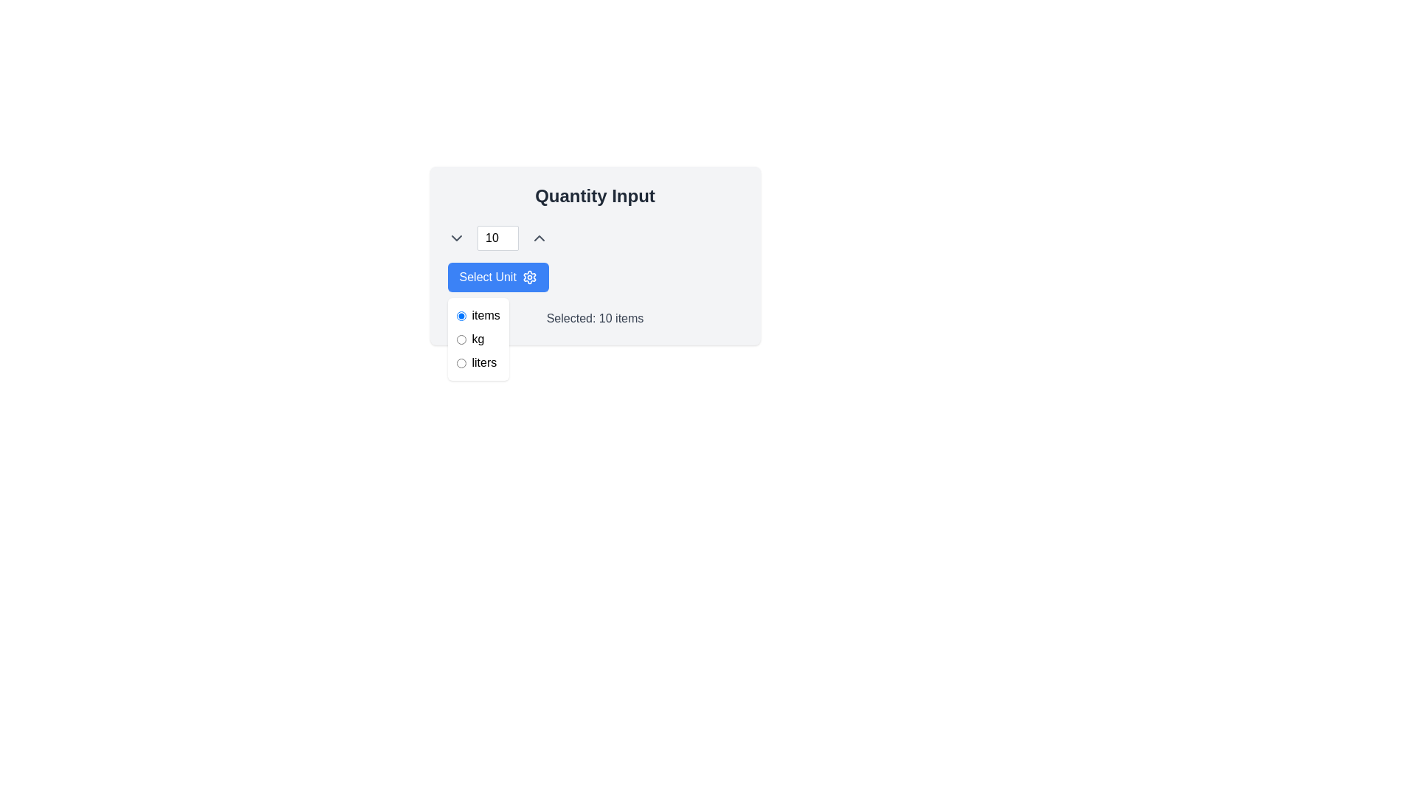 This screenshot has width=1417, height=797. Describe the element at coordinates (529, 277) in the screenshot. I see `the settings icon located to the right of the 'Select Unit' text within a blue rectangular button` at that location.